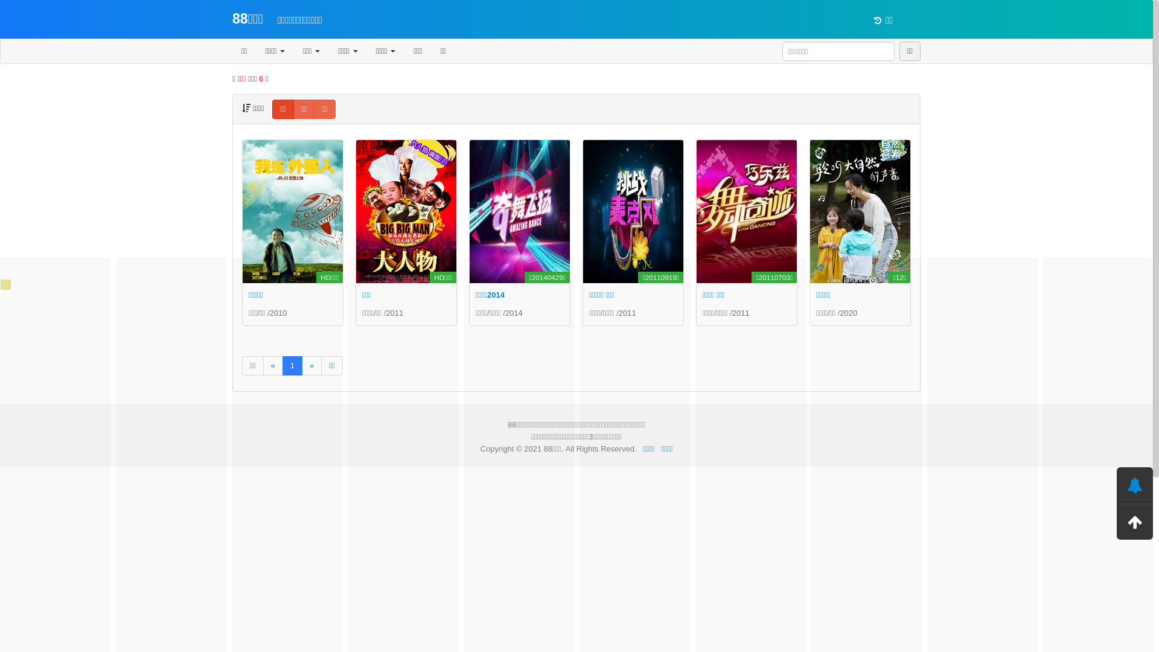 The width and height of the screenshot is (1159, 652). What do you see at coordinates (278, 312) in the screenshot?
I see `'2010'` at bounding box center [278, 312].